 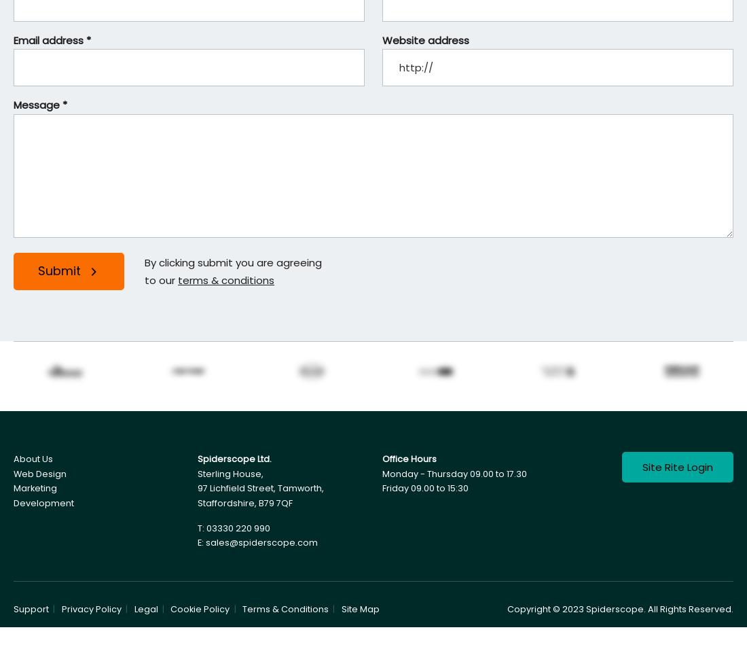 What do you see at coordinates (359, 609) in the screenshot?
I see `'Site Map'` at bounding box center [359, 609].